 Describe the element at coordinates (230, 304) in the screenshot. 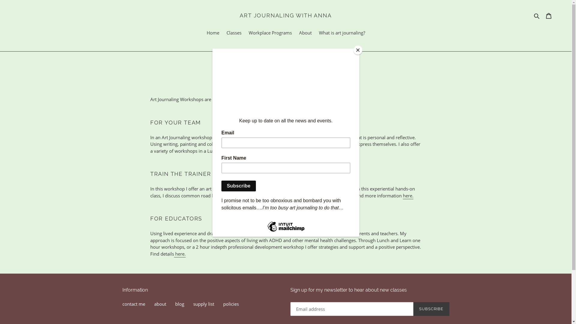

I see `'policies'` at that location.